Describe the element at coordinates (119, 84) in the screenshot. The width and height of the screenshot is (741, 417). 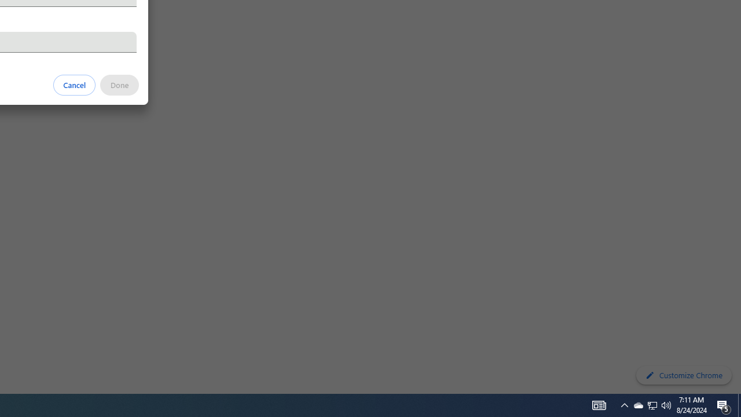
I see `'Done'` at that location.